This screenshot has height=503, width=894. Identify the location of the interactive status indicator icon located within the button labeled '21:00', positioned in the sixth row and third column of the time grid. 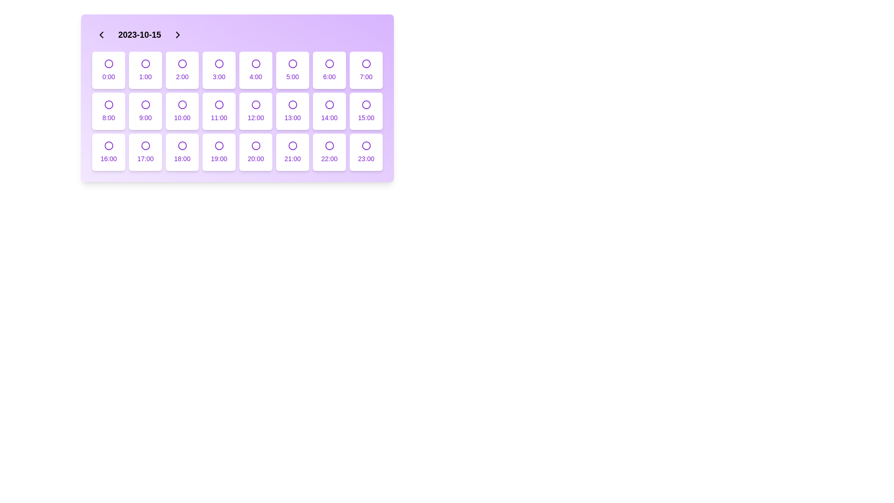
(292, 145).